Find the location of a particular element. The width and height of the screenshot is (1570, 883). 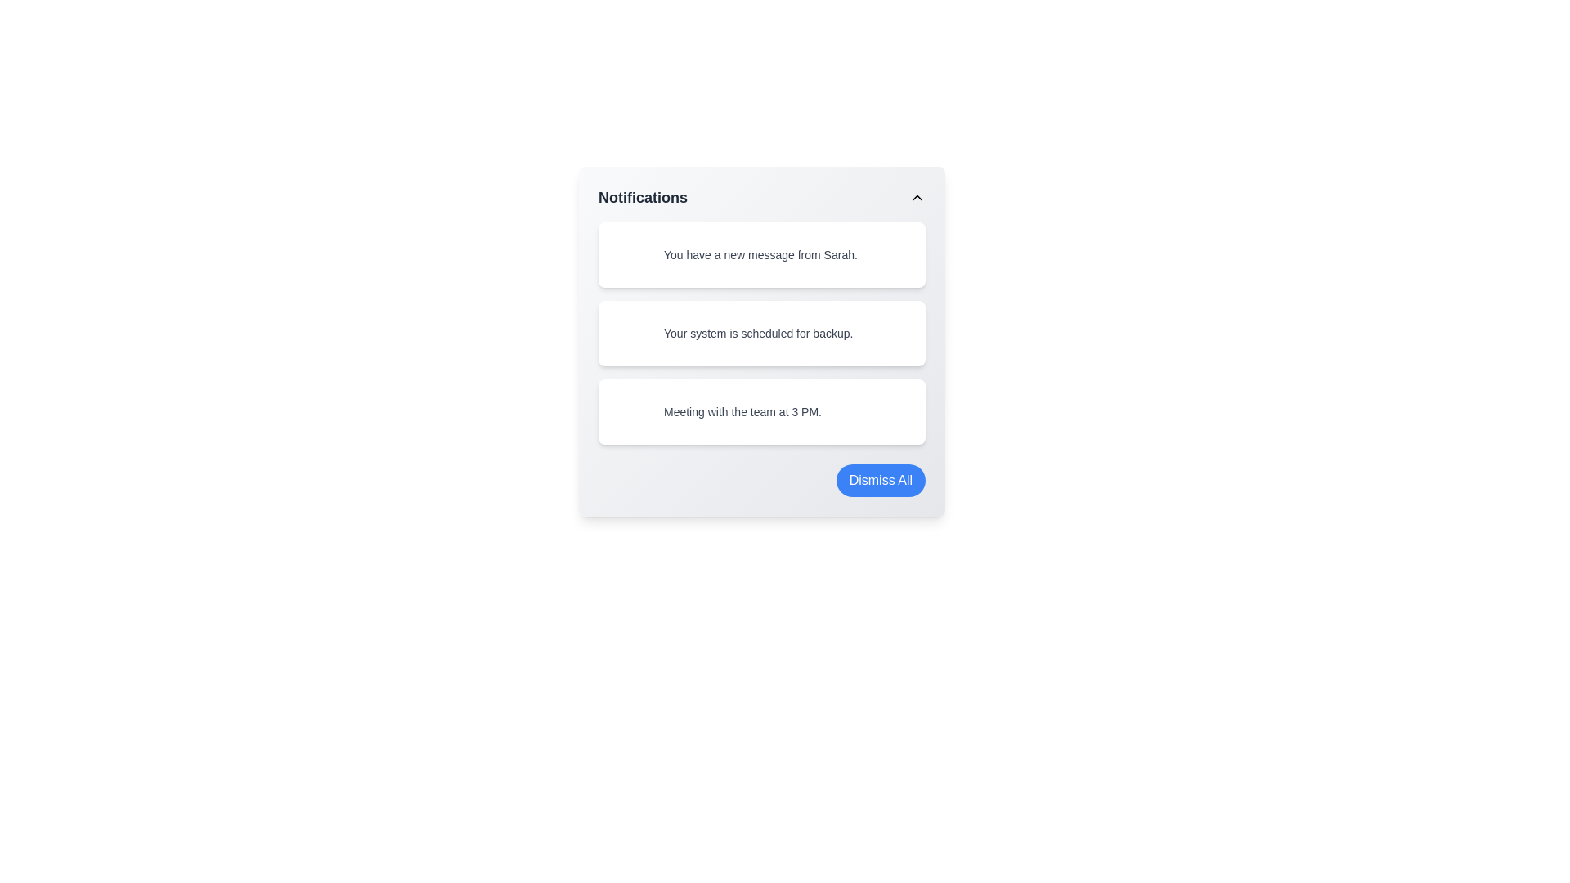

the Chevron (collapse/expand) button located in the top-right corner of the notification pane titled 'Notifications' is located at coordinates (917, 197).